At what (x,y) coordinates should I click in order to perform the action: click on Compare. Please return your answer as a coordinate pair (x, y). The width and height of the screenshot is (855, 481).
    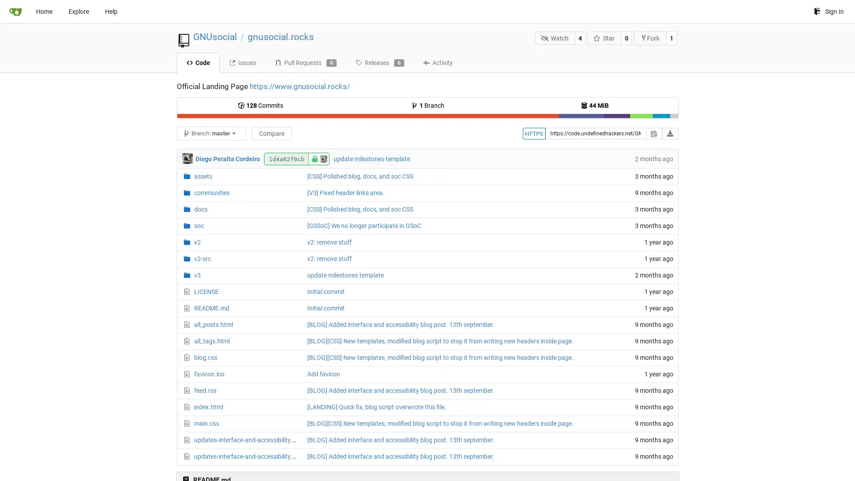
    Looking at the image, I should click on (271, 133).